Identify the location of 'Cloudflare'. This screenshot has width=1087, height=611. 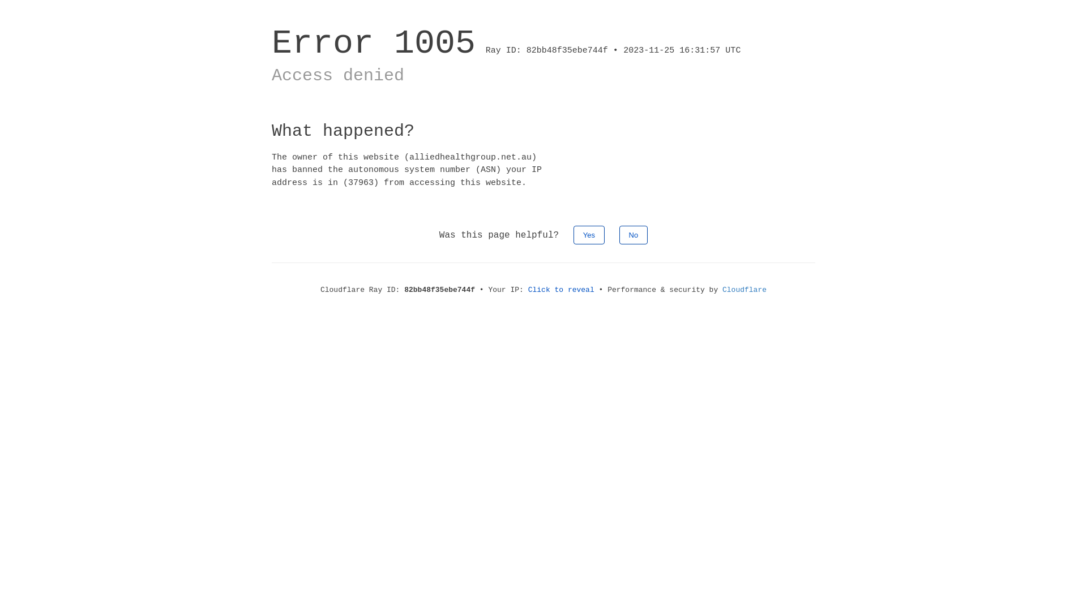
(744, 289).